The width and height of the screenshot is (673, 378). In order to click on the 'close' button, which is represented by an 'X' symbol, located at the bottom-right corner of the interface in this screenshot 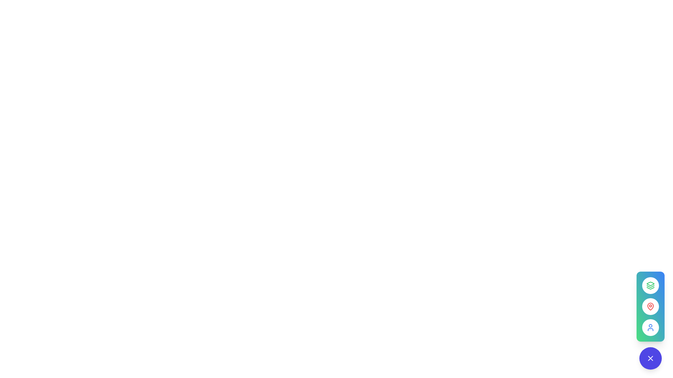, I will do `click(650, 358)`.